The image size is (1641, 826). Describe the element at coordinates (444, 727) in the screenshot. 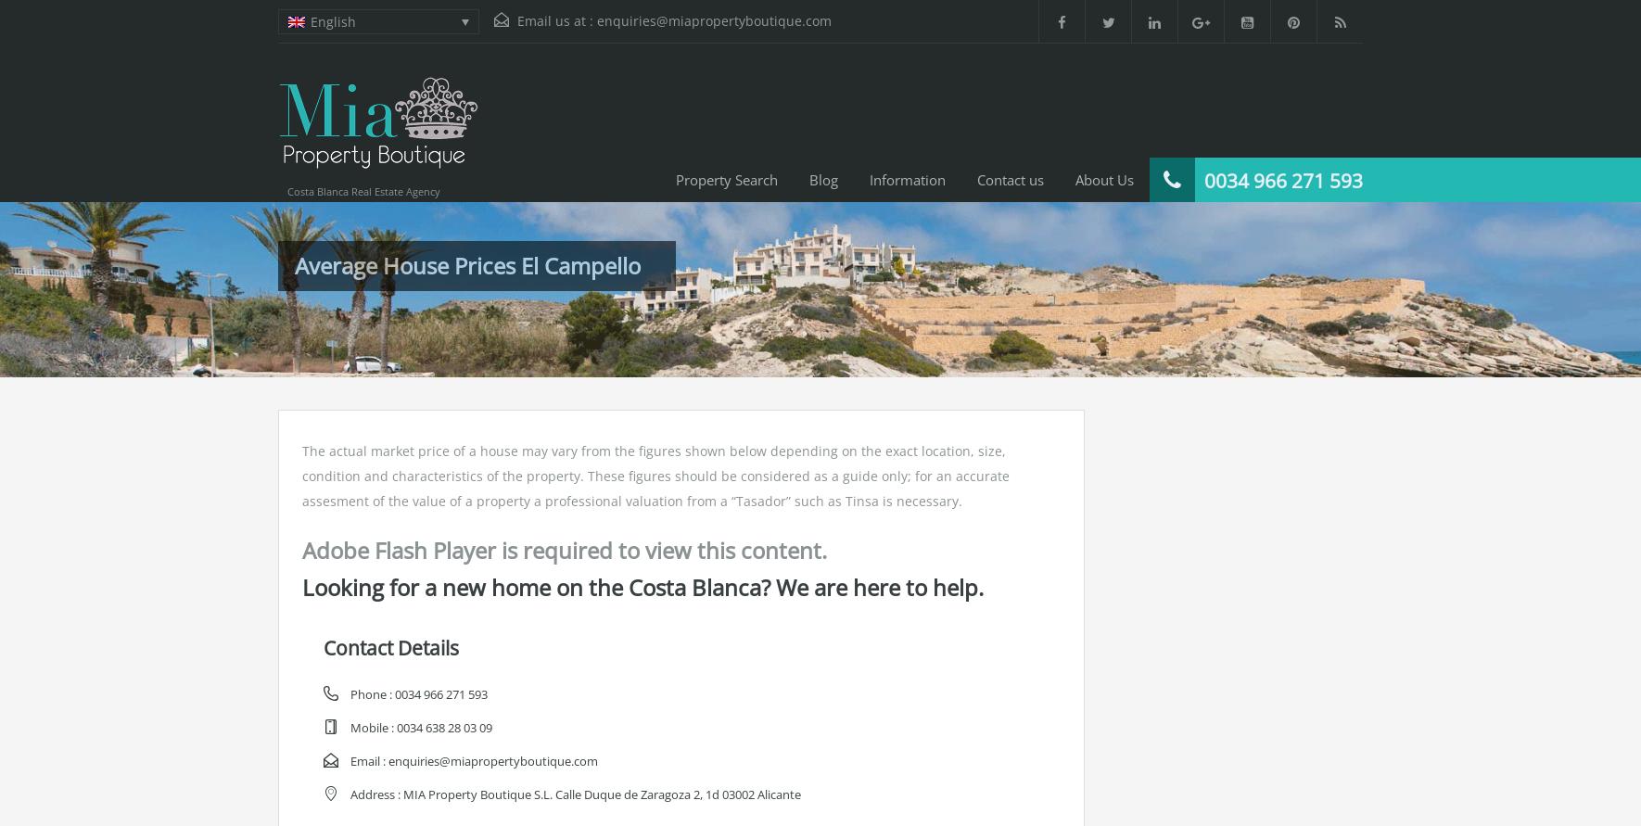

I see `'0034 638 28 03 09'` at that location.